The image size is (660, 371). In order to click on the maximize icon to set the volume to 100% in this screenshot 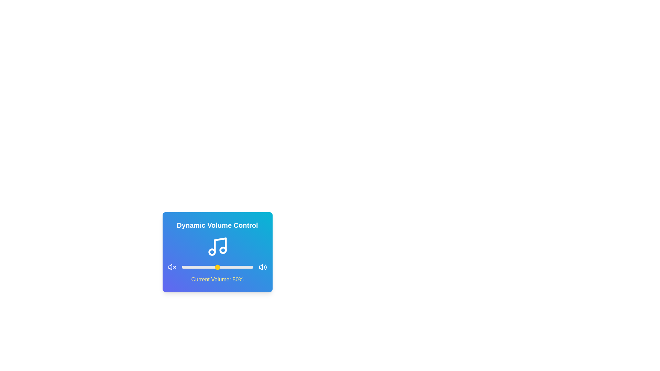, I will do `click(262, 267)`.